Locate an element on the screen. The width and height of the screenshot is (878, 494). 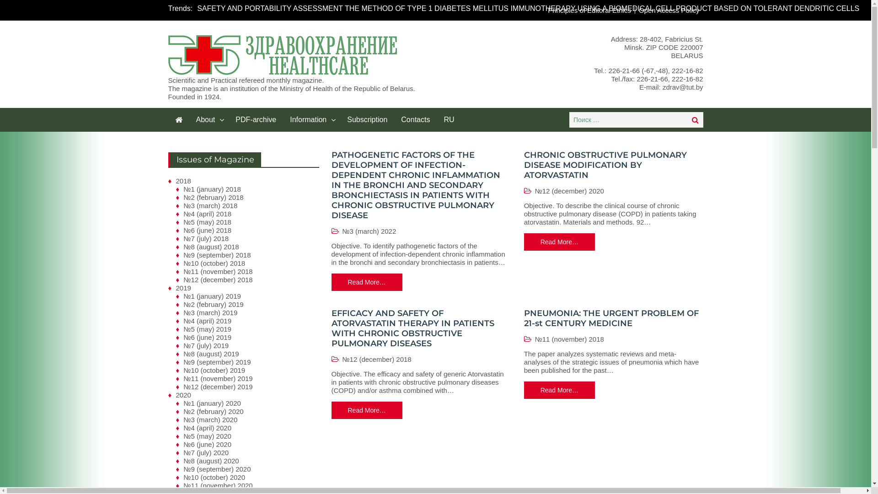
'2019' is located at coordinates (183, 287).